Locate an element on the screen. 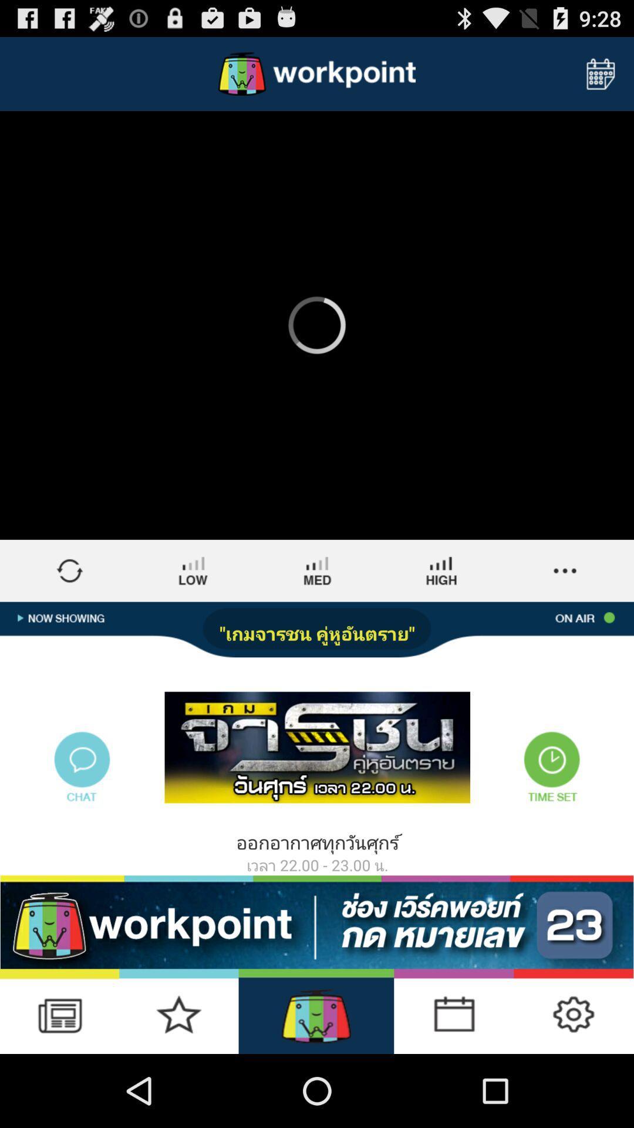 Image resolution: width=634 pixels, height=1128 pixels. the swap icon is located at coordinates (69, 610).